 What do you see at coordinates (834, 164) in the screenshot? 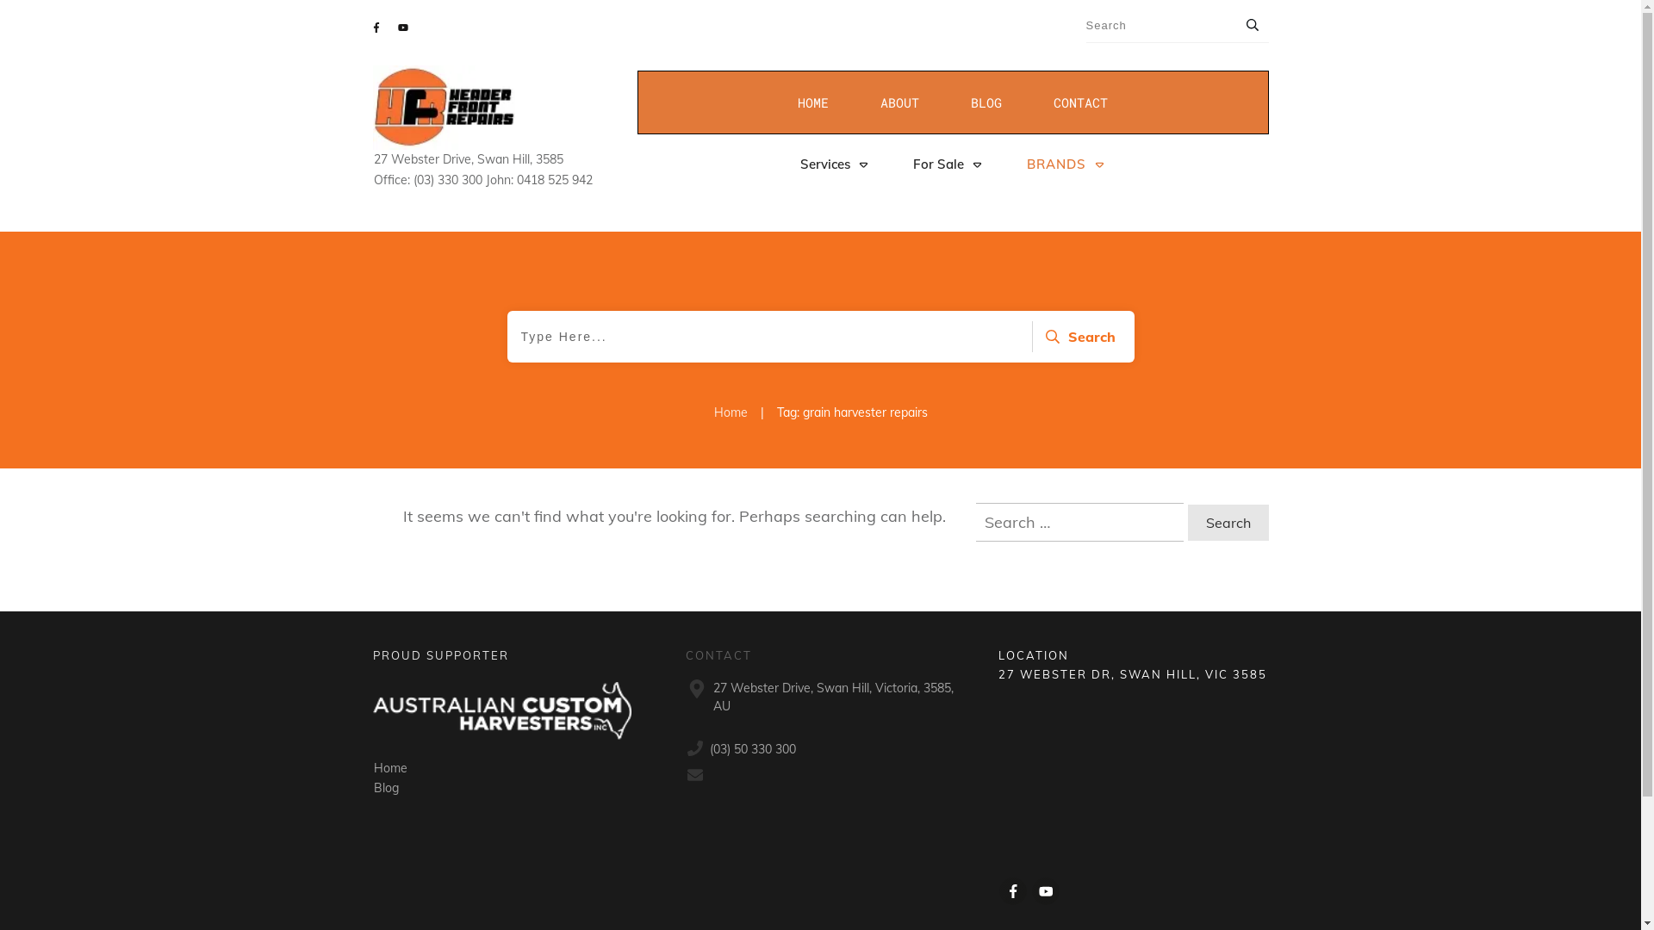
I see `'Services'` at bounding box center [834, 164].